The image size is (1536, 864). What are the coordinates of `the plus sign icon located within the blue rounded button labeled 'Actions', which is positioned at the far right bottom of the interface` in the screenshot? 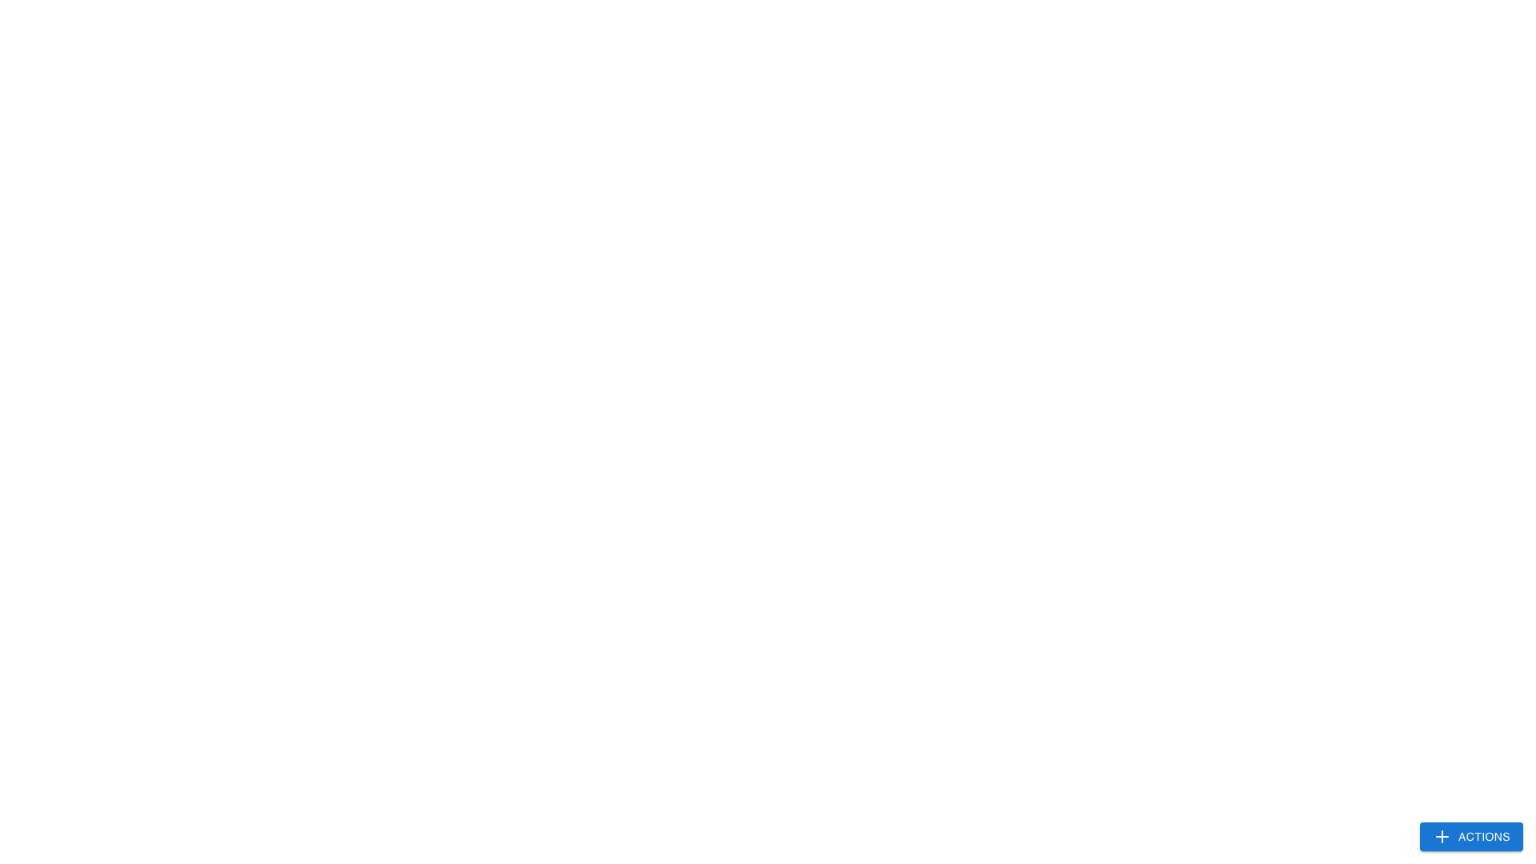 It's located at (1442, 835).